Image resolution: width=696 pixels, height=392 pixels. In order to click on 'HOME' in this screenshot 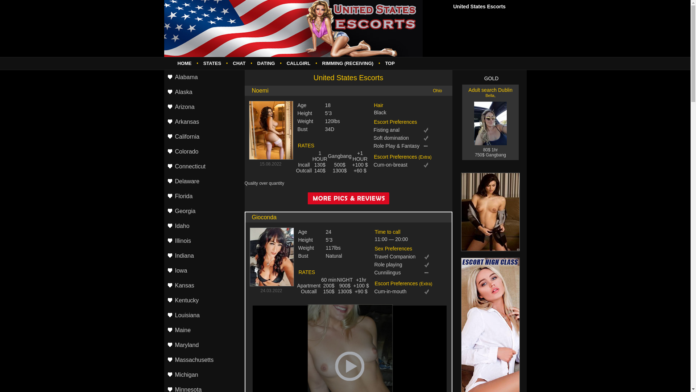, I will do `click(174, 63)`.